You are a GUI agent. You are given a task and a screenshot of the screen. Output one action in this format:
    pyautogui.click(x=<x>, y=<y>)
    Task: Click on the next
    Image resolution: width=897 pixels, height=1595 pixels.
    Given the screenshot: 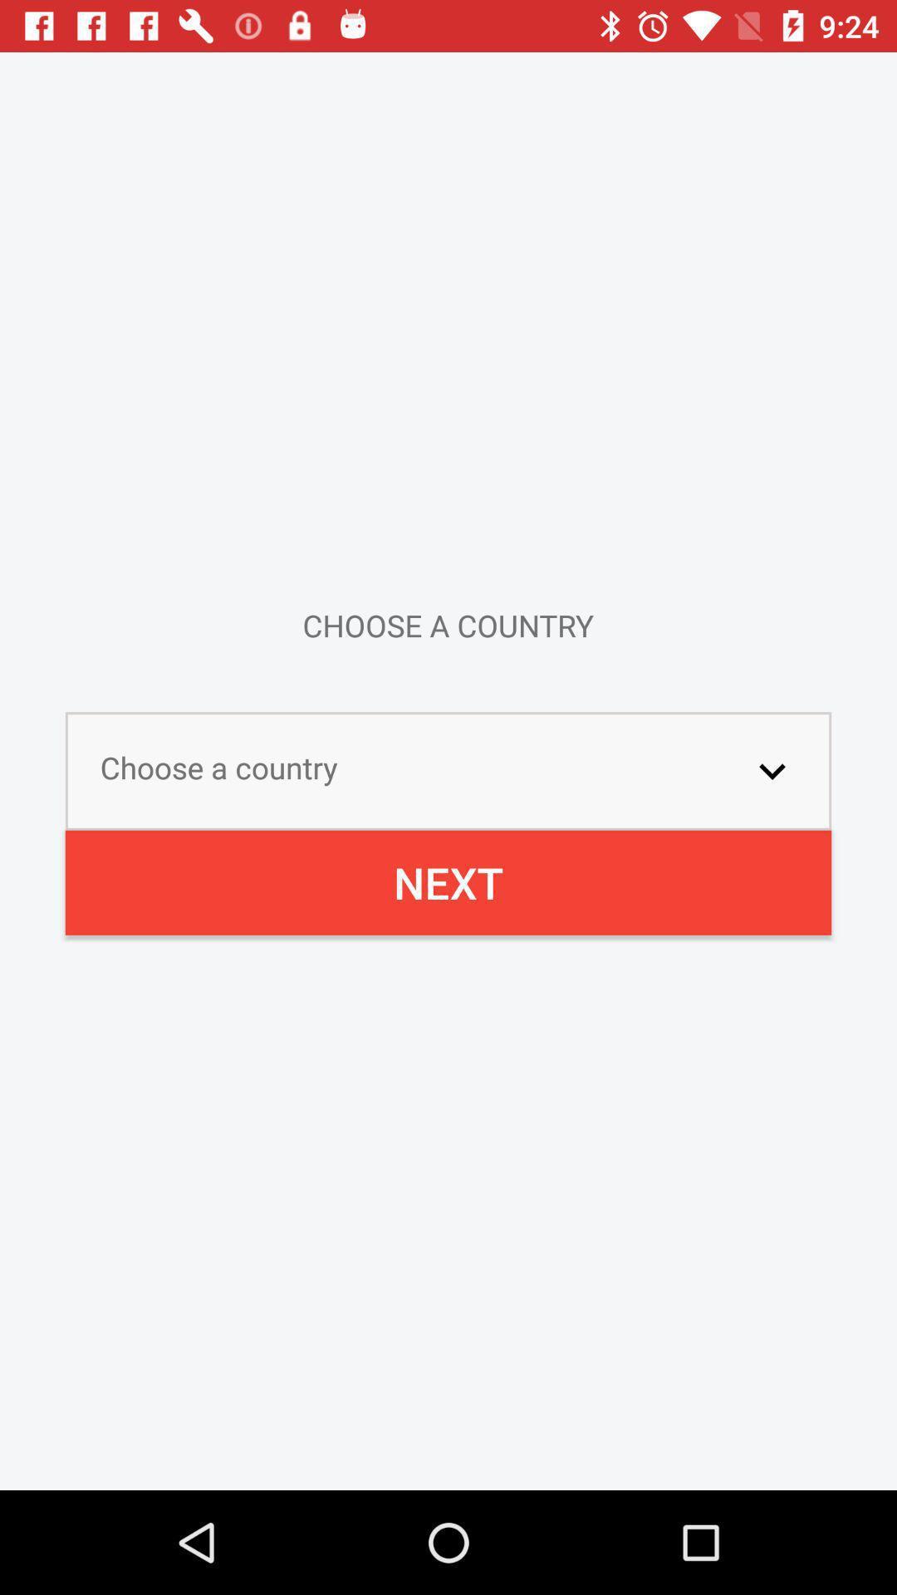 What is the action you would take?
    pyautogui.click(x=448, y=881)
    